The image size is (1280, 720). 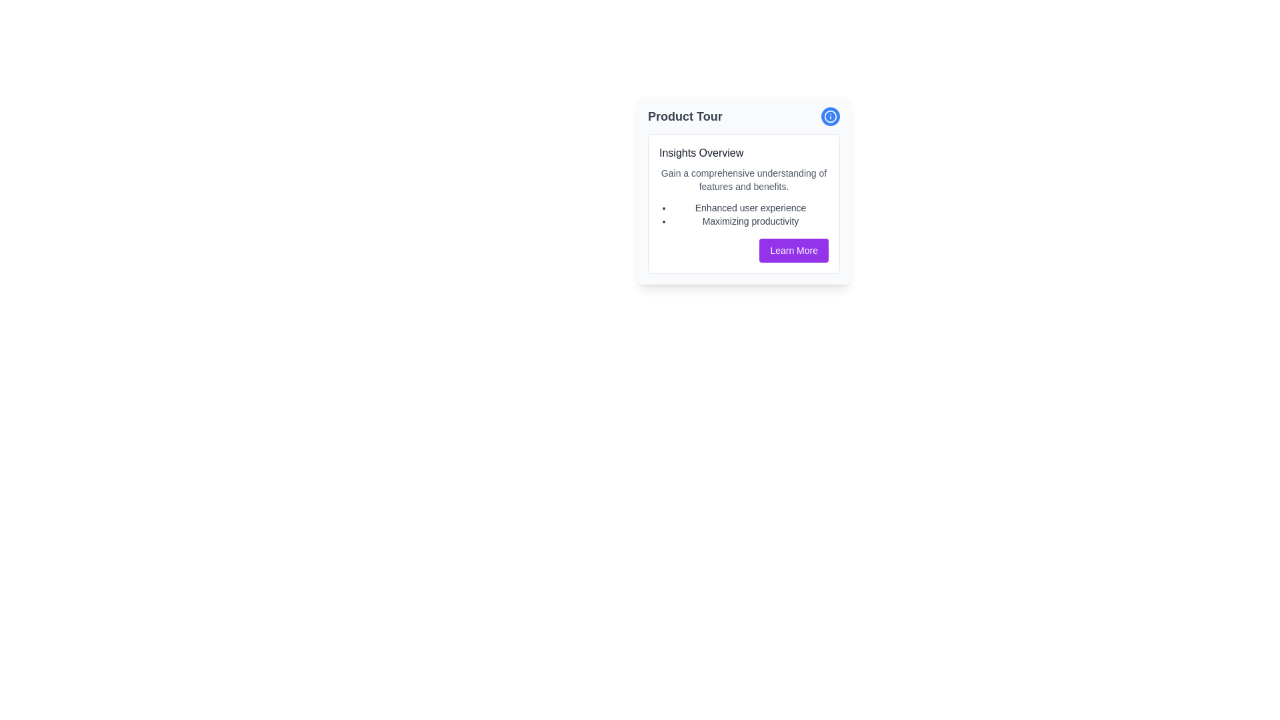 What do you see at coordinates (830, 115) in the screenshot?
I see `the informational help button located to the right of the 'Product Tour' heading` at bounding box center [830, 115].